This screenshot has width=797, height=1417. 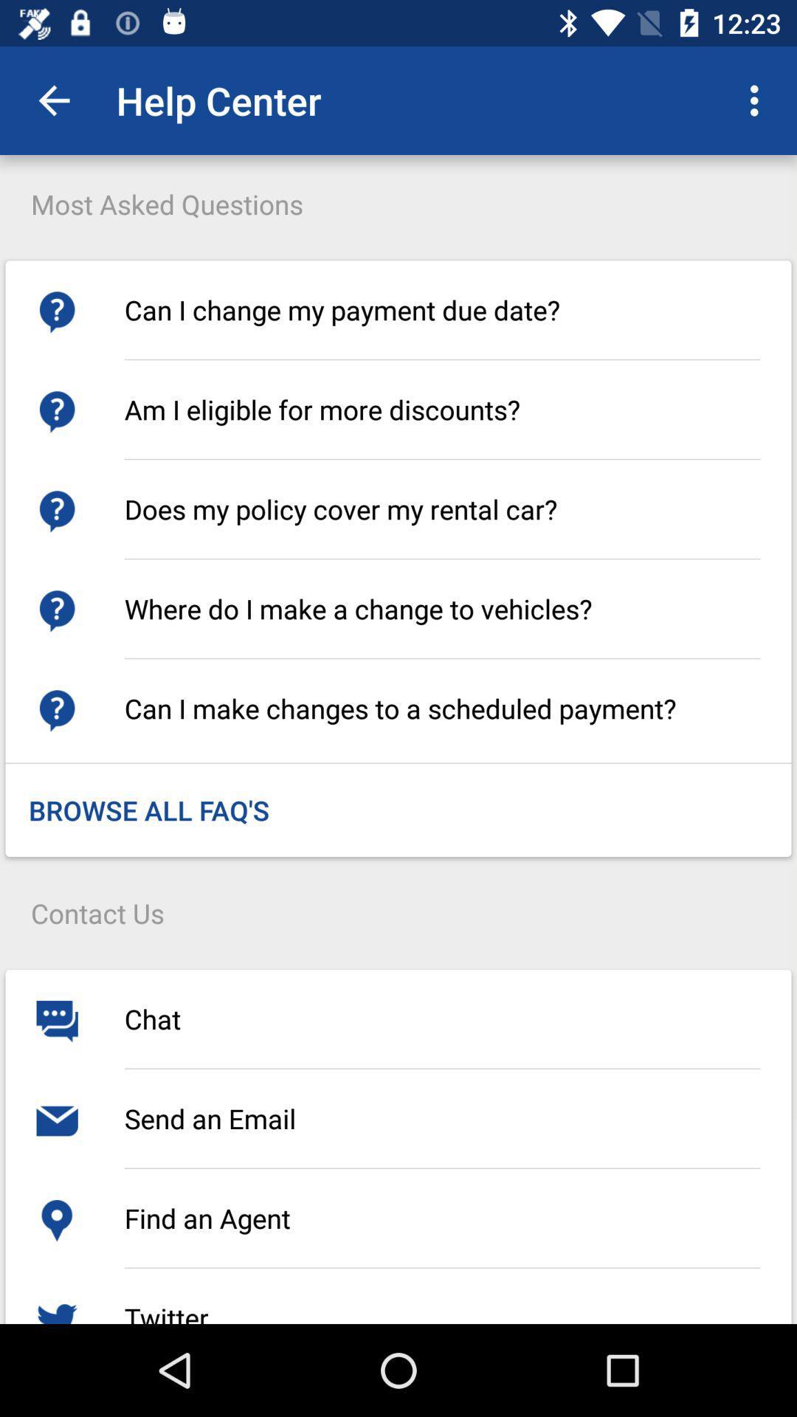 I want to click on app next to the help center app, so click(x=53, y=100).